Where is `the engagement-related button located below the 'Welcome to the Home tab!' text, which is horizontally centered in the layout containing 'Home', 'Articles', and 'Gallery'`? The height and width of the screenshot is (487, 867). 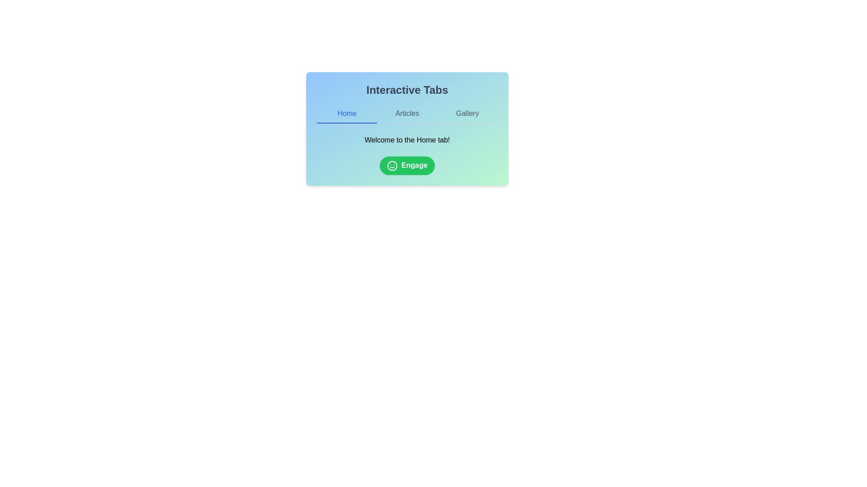 the engagement-related button located below the 'Welcome to the Home tab!' text, which is horizontally centered in the layout containing 'Home', 'Articles', and 'Gallery' is located at coordinates (407, 165).